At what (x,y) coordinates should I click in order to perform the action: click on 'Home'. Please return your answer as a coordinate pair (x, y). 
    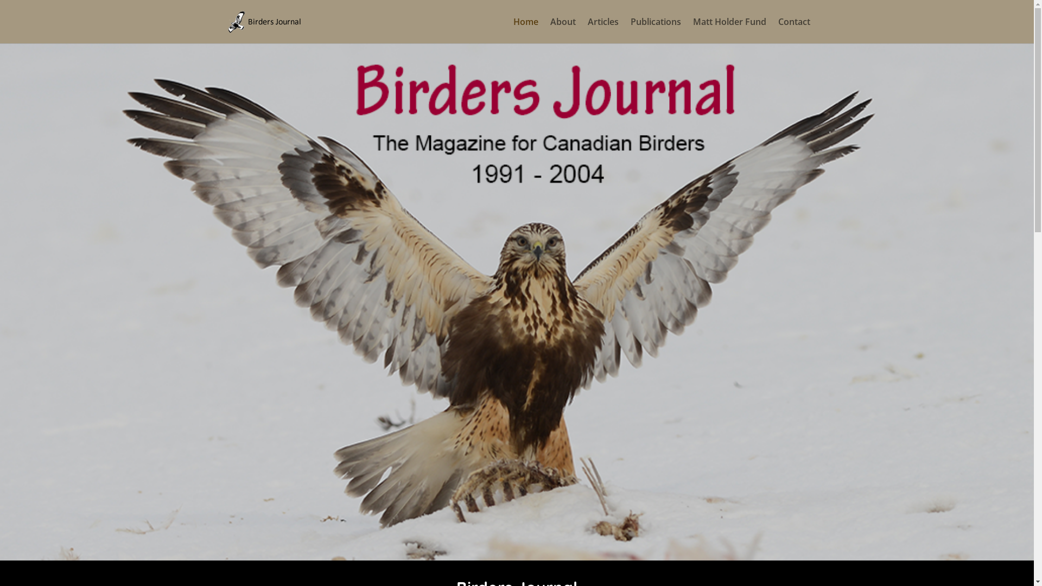
    Looking at the image, I should click on (526, 30).